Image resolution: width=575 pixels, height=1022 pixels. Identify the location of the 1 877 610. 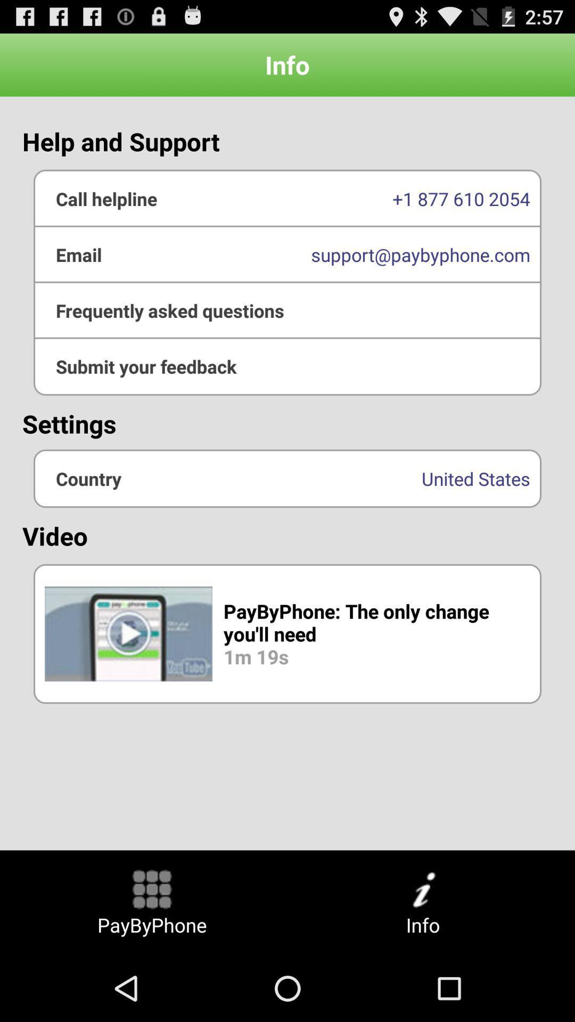
(287, 199).